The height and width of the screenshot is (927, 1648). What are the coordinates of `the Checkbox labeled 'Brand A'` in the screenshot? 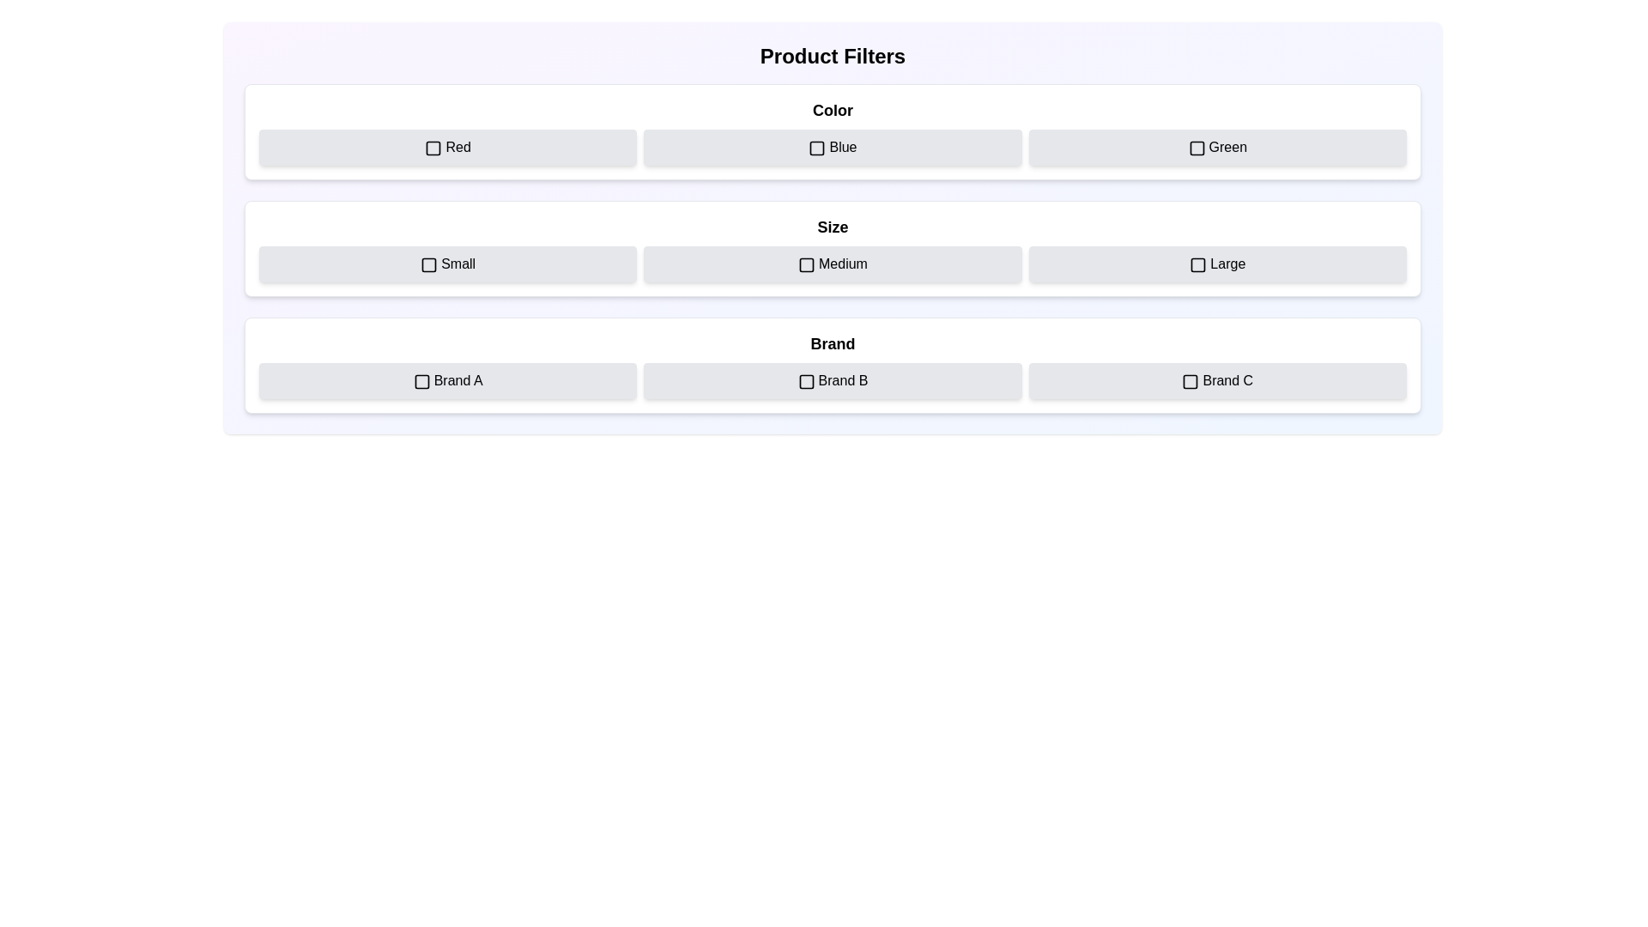 It's located at (448, 379).